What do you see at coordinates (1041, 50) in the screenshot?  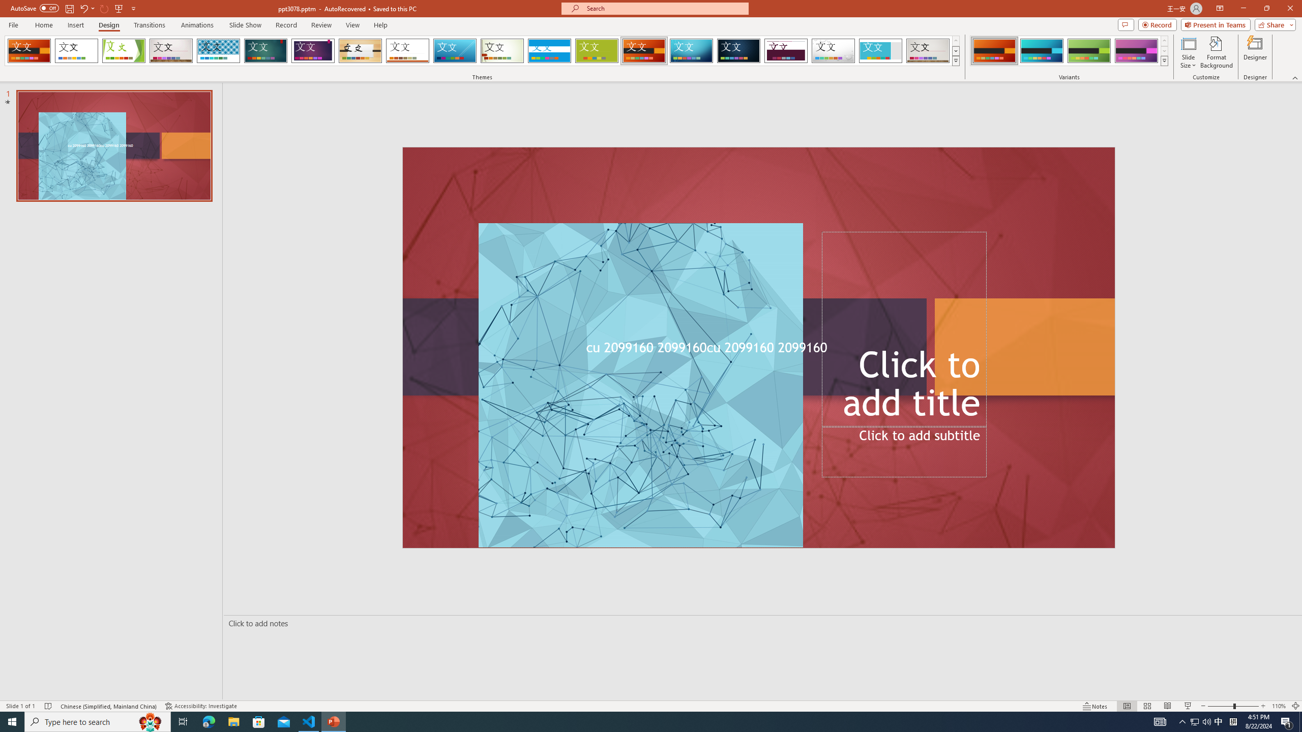 I see `'Berlin Variant 2'` at bounding box center [1041, 50].